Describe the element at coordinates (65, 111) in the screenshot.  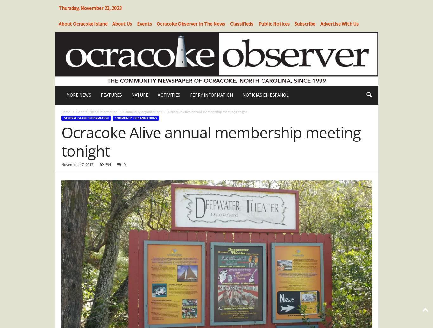
I see `'Home'` at that location.